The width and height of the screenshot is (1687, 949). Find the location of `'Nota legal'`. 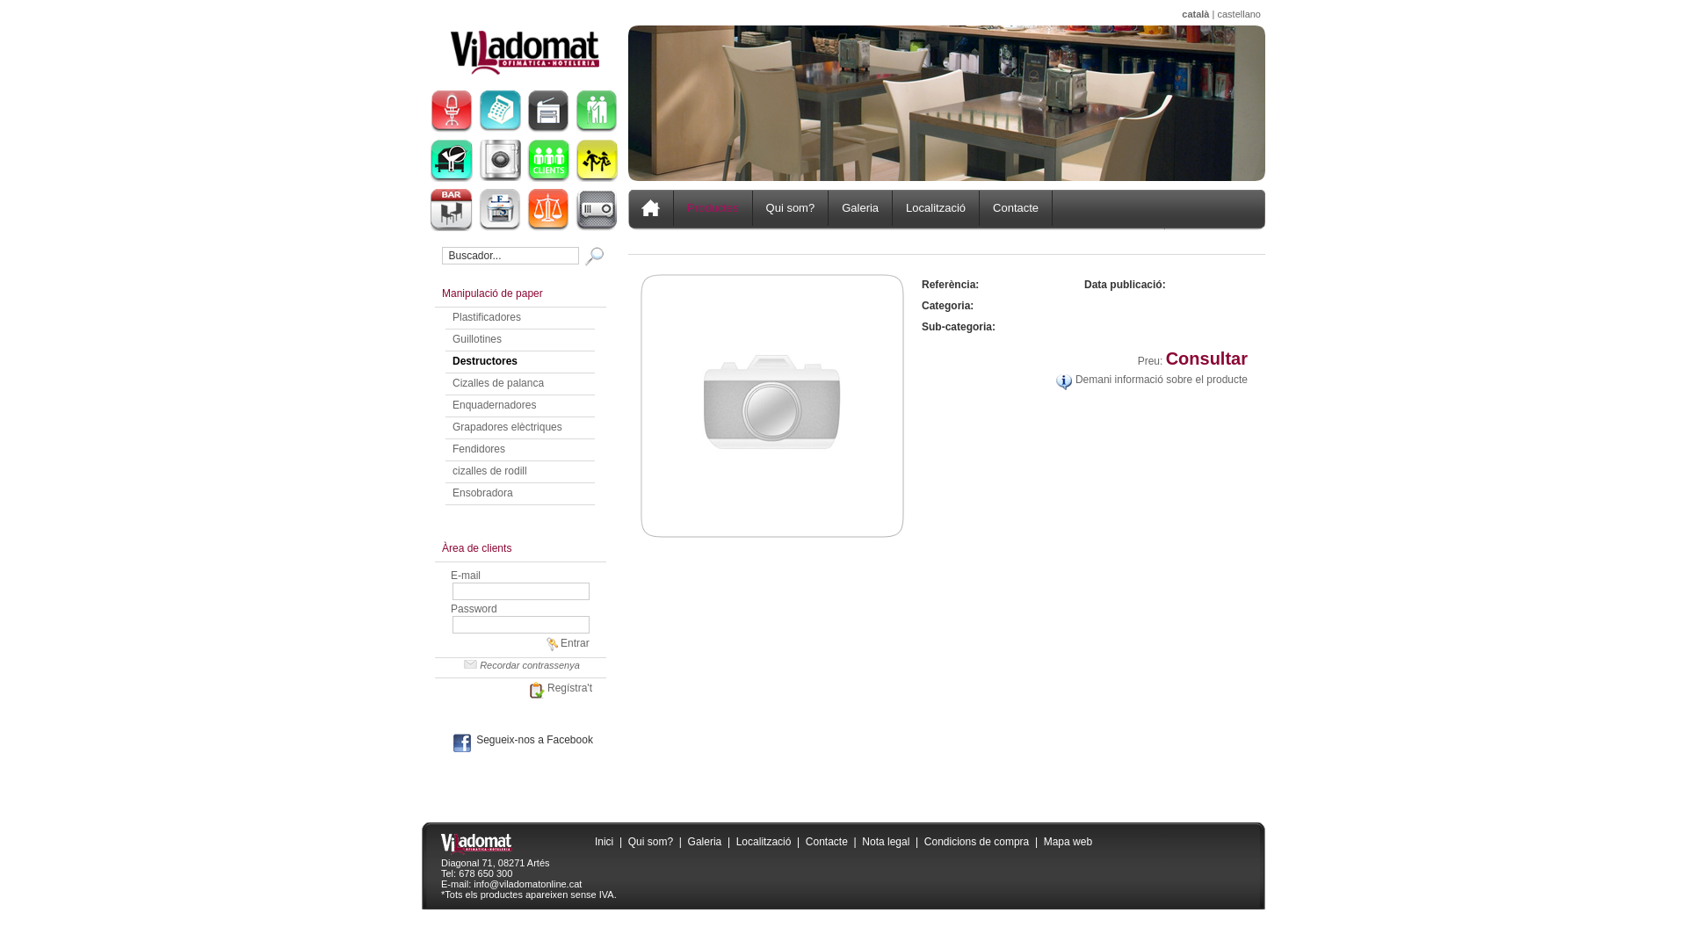

'Nota legal' is located at coordinates (886, 840).